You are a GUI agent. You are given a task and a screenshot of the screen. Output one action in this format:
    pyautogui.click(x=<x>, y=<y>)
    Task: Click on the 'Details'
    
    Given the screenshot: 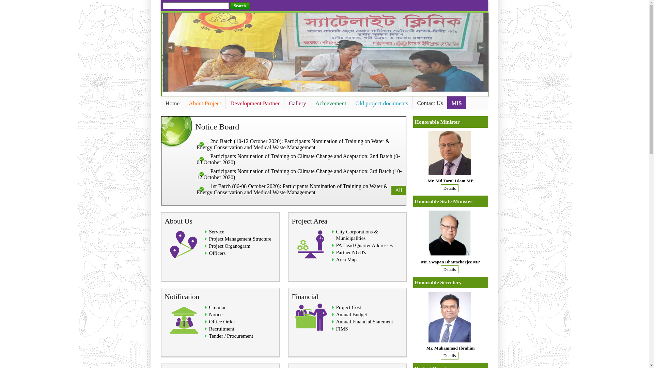 What is the action you would take?
    pyautogui.click(x=450, y=188)
    